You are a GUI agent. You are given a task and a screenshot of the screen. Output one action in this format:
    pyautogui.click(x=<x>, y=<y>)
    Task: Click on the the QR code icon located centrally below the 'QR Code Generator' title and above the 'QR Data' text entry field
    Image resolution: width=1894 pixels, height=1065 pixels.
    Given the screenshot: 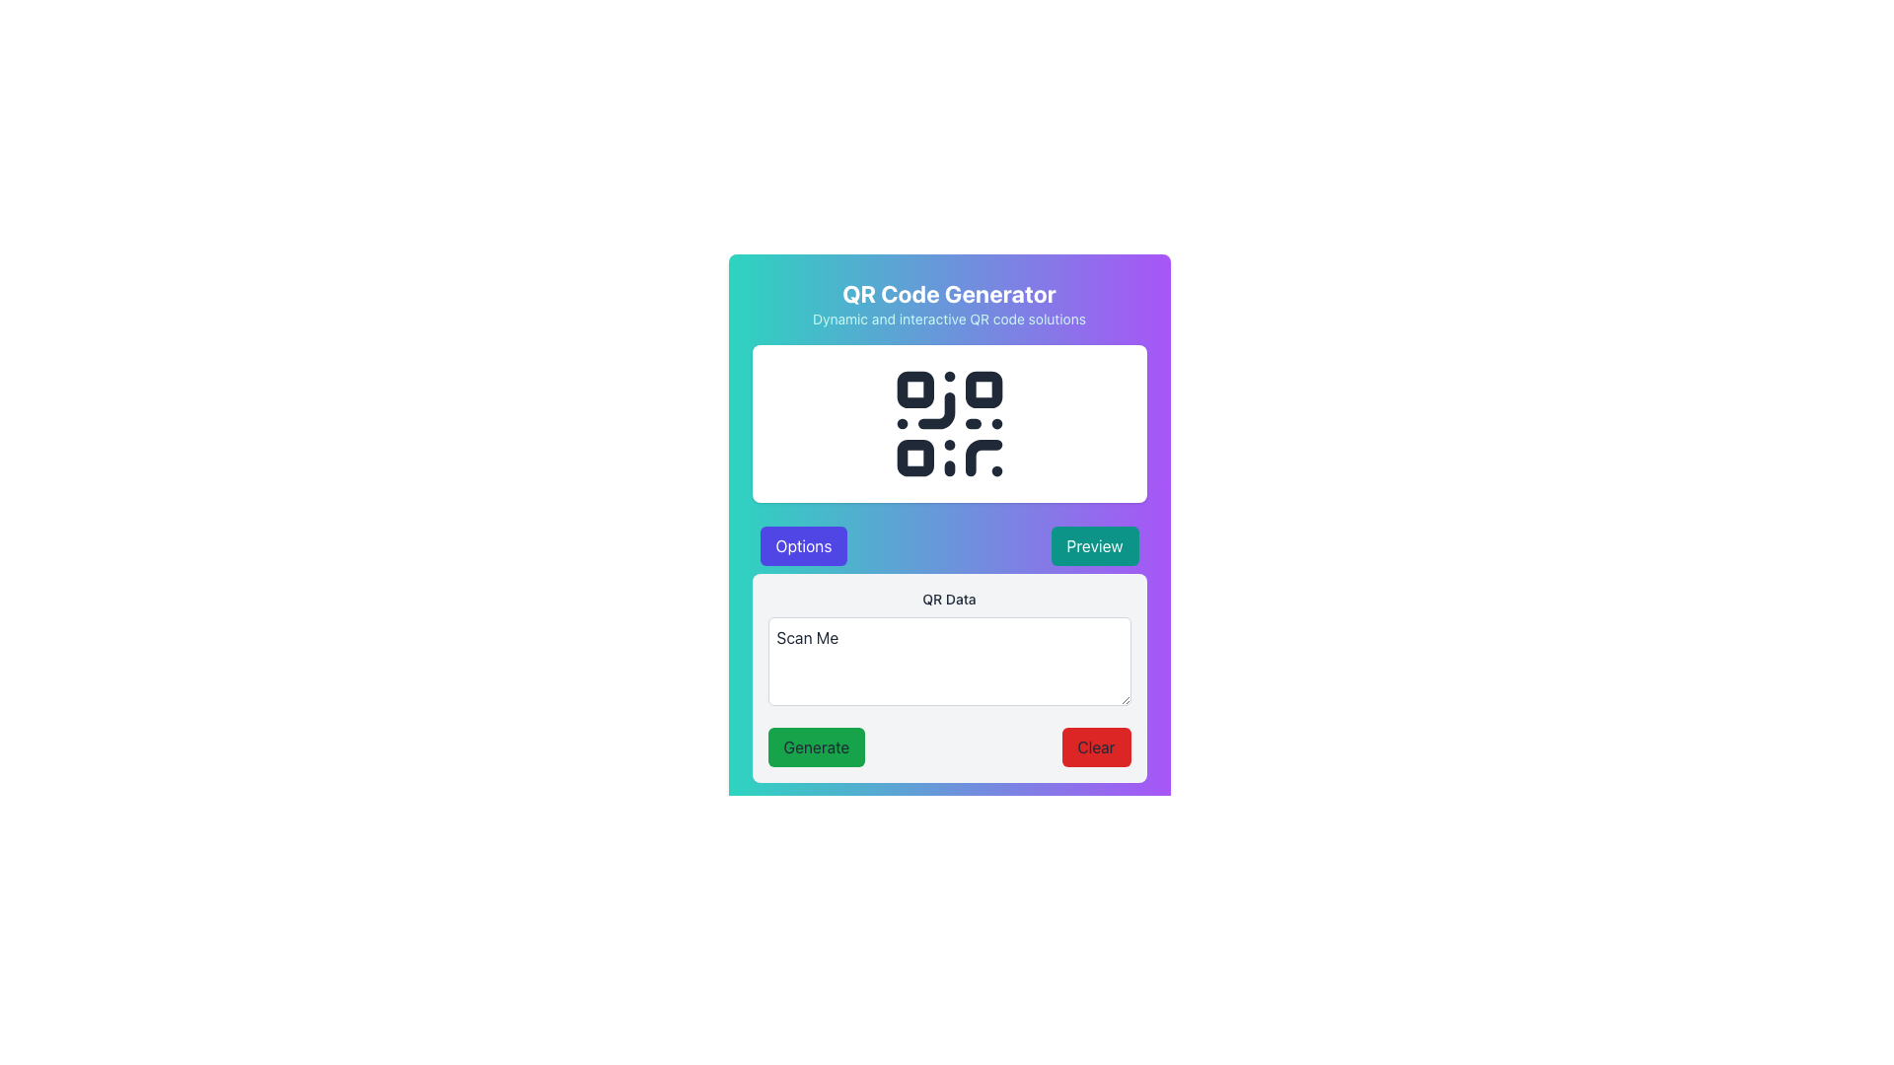 What is the action you would take?
    pyautogui.click(x=949, y=422)
    